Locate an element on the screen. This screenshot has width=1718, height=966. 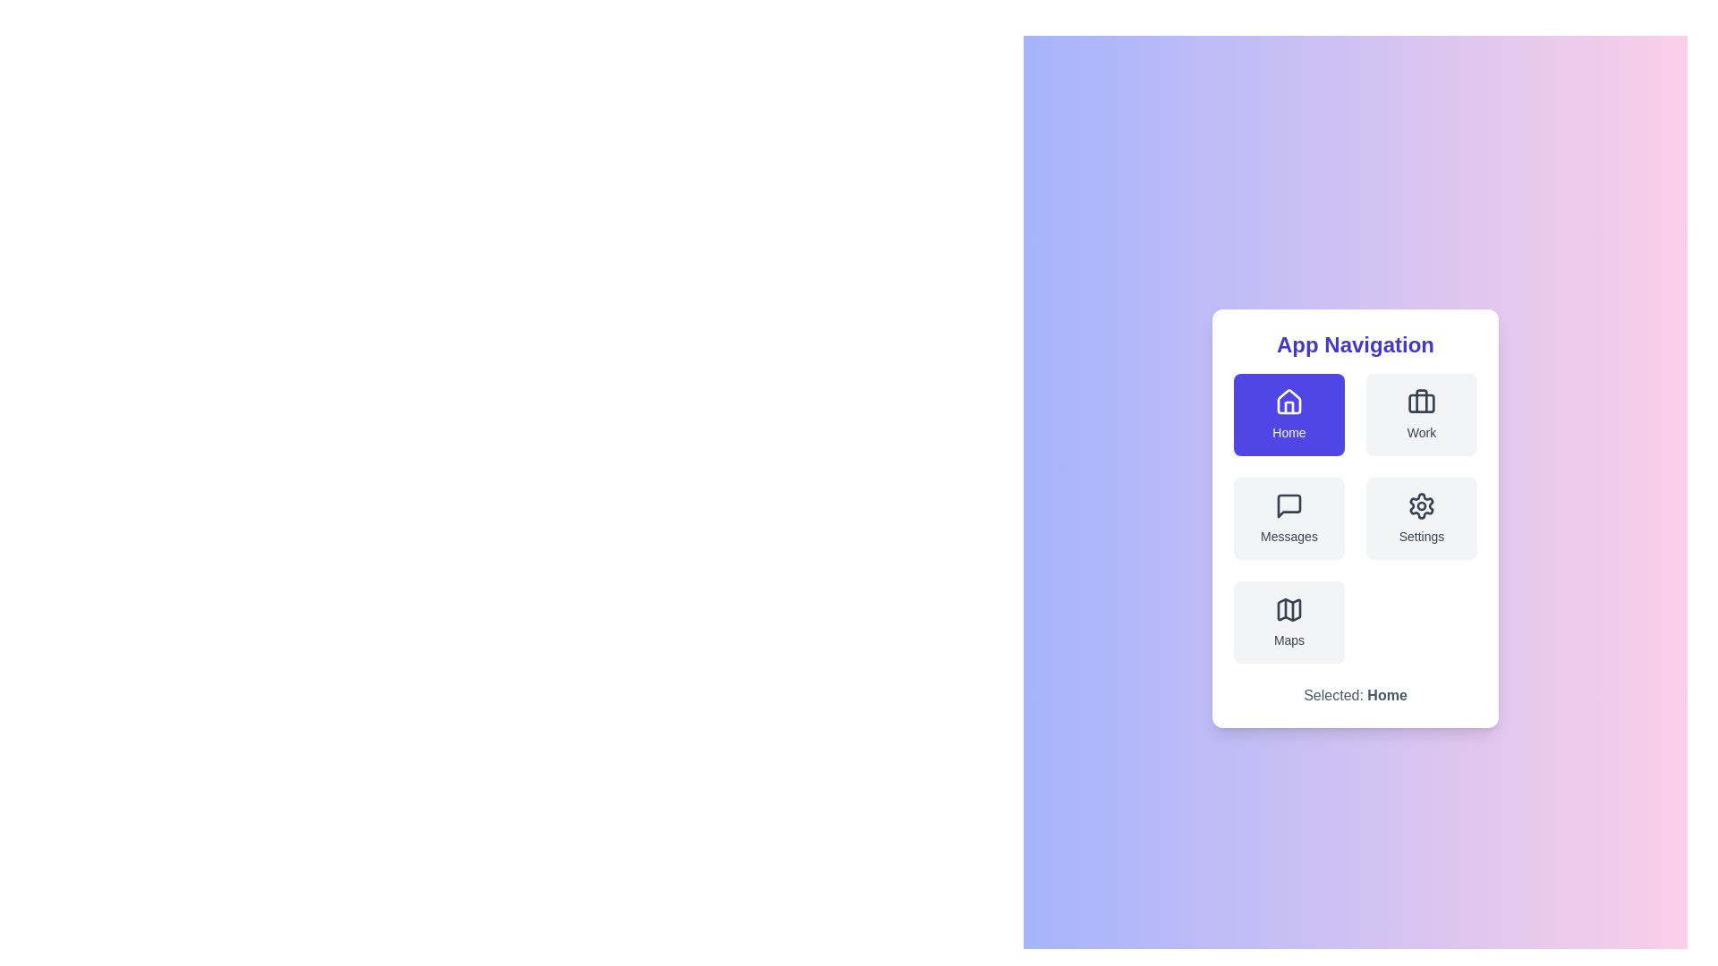
the menu item labeled Settings to preview its visual feedback is located at coordinates (1420, 518).